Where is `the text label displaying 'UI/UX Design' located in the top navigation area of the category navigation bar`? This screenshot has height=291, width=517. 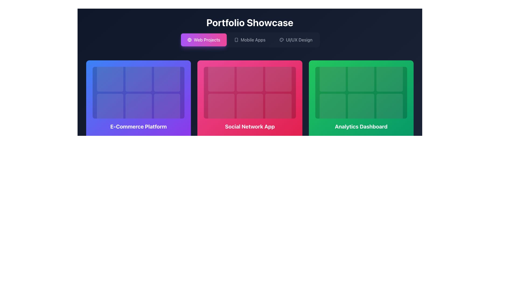 the text label displaying 'UI/UX Design' located in the top navigation area of the category navigation bar is located at coordinates (299, 39).